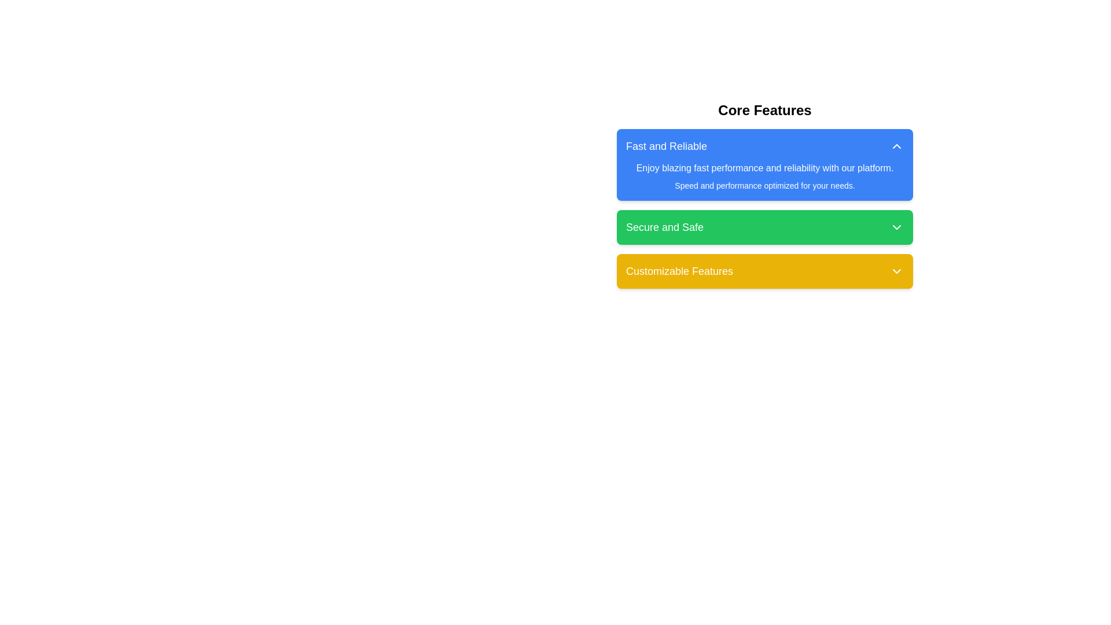 The height and width of the screenshot is (625, 1111). Describe the element at coordinates (896, 146) in the screenshot. I see `the Chevron icon located at the rightmost end of the header section titled 'Fast and Reliable'` at that location.